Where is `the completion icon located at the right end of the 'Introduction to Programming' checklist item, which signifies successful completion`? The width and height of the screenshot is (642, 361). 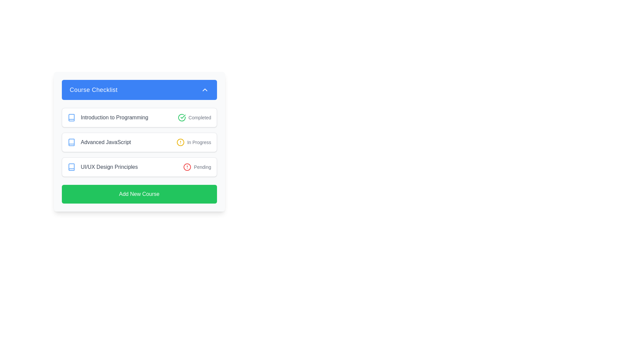 the completion icon located at the right end of the 'Introduction to Programming' checklist item, which signifies successful completion is located at coordinates (183, 116).